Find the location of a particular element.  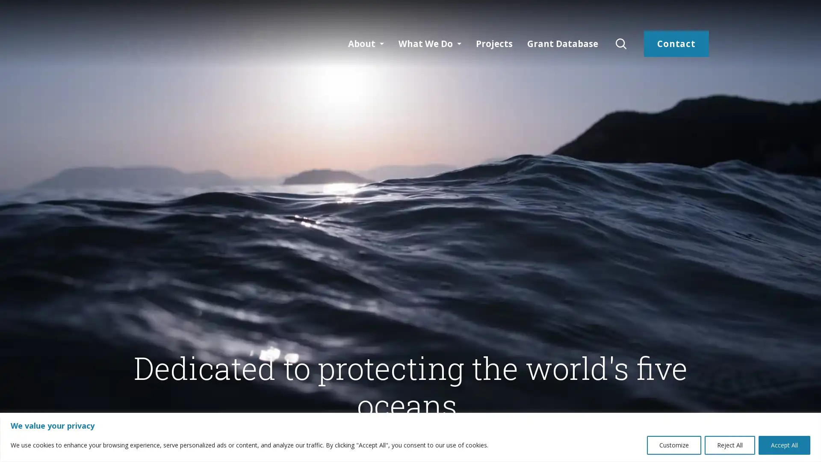

Accept All is located at coordinates (784, 444).